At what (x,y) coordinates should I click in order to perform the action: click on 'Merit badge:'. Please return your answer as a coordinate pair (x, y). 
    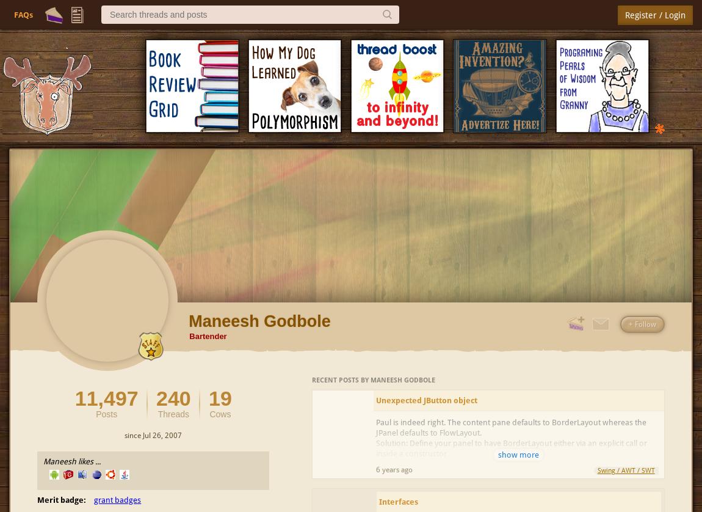
    Looking at the image, I should click on (60, 499).